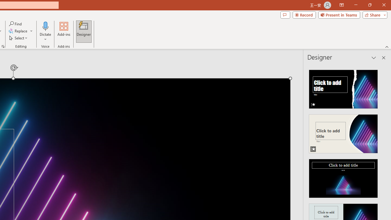  What do you see at coordinates (343, 87) in the screenshot?
I see `'Recommended Design: Animation'` at bounding box center [343, 87].